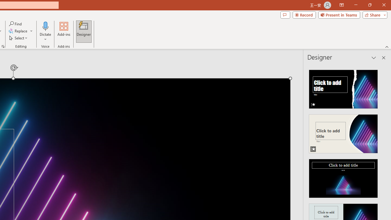  What do you see at coordinates (343, 87) in the screenshot?
I see `'Recommended Design: Animation'` at bounding box center [343, 87].